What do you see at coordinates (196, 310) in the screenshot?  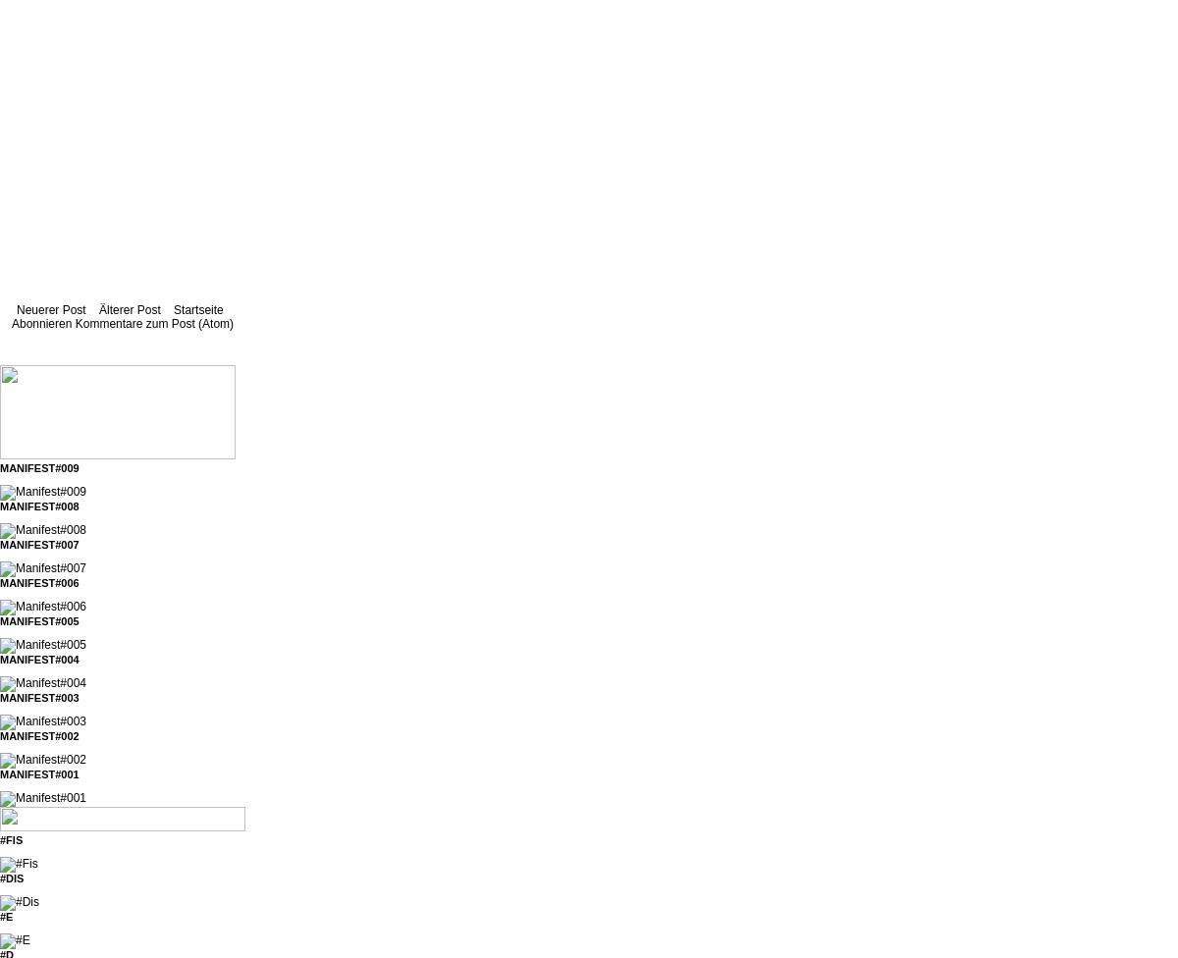 I see `'Startseite'` at bounding box center [196, 310].